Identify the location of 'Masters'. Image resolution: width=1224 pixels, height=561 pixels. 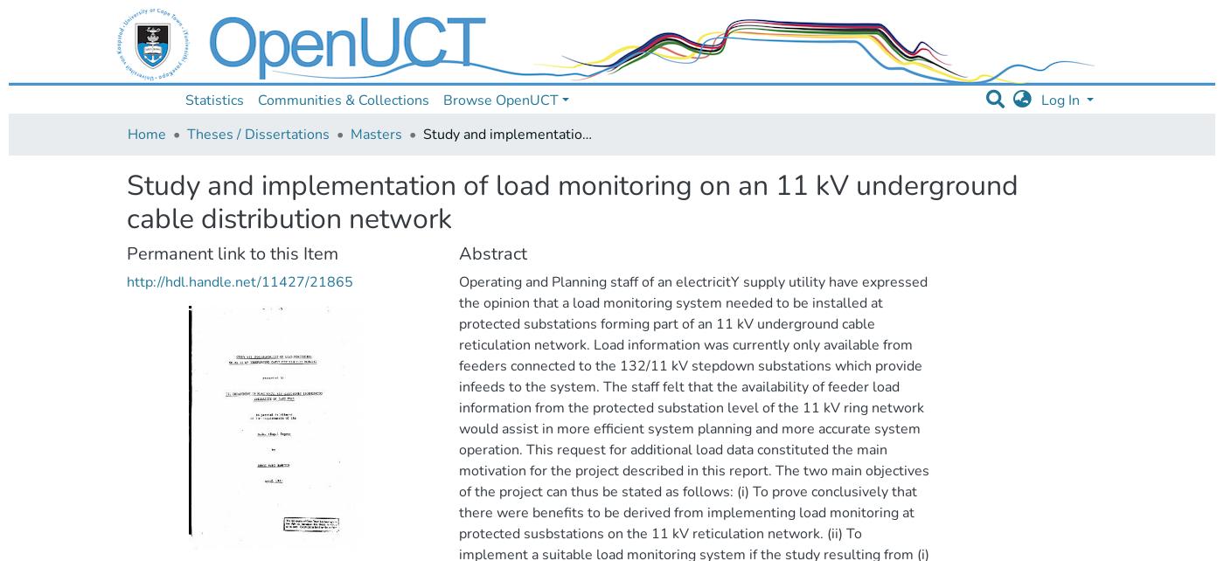
(376, 135).